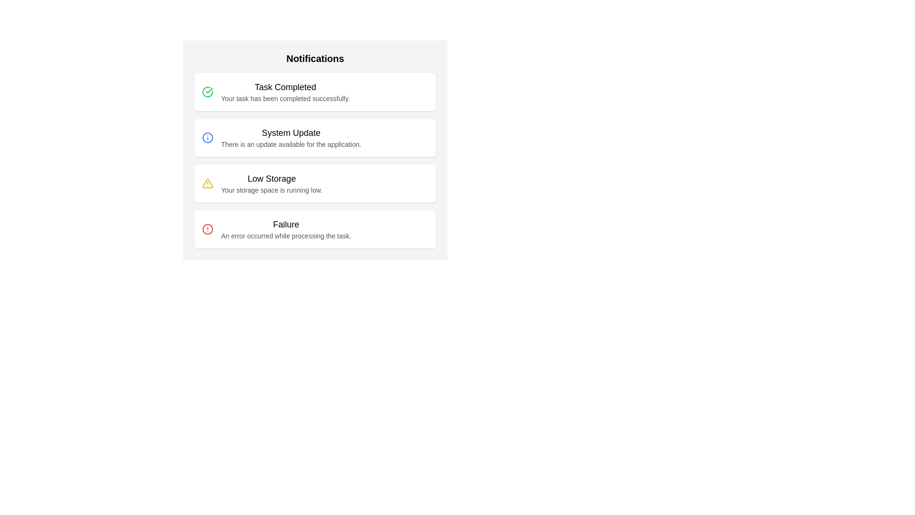  What do you see at coordinates (285, 99) in the screenshot?
I see `text string 'Your task has been completed successfully.' located immediately below the heading 'Task Completed' in the first notification card` at bounding box center [285, 99].